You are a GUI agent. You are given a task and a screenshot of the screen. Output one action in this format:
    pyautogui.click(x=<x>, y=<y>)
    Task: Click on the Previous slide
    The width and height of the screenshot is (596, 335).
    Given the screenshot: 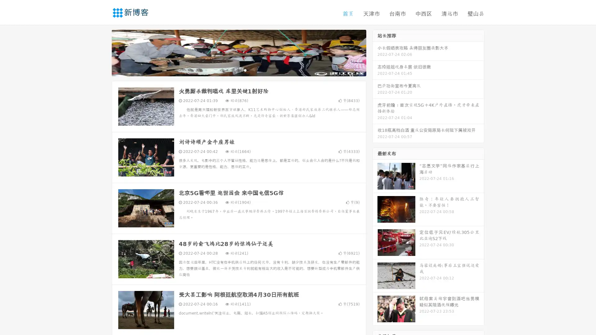 What is the action you would take?
    pyautogui.click(x=102, y=52)
    